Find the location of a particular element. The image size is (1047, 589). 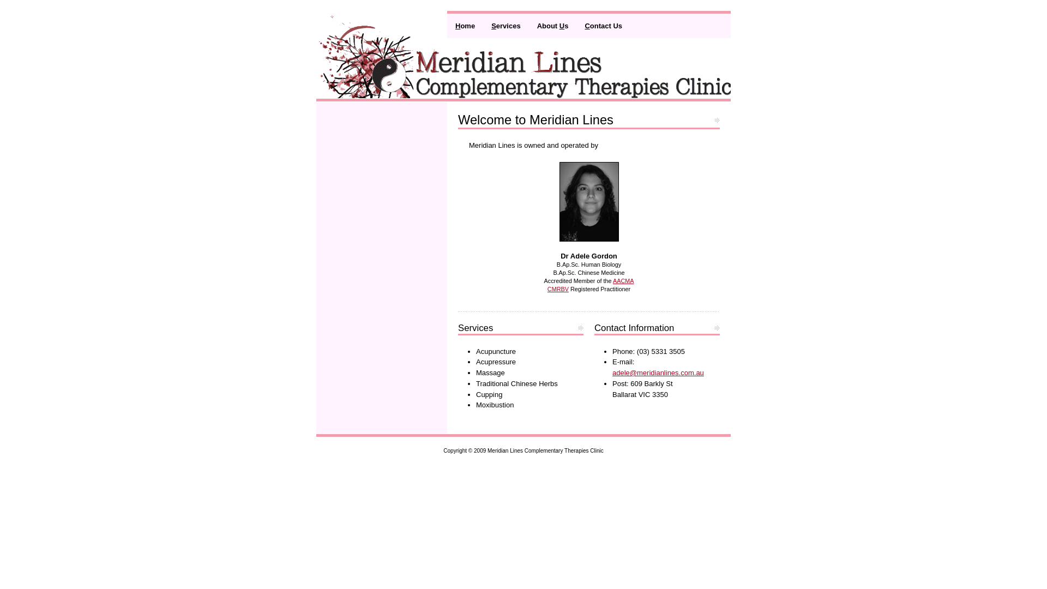

'Contact Us' is located at coordinates (603, 25).